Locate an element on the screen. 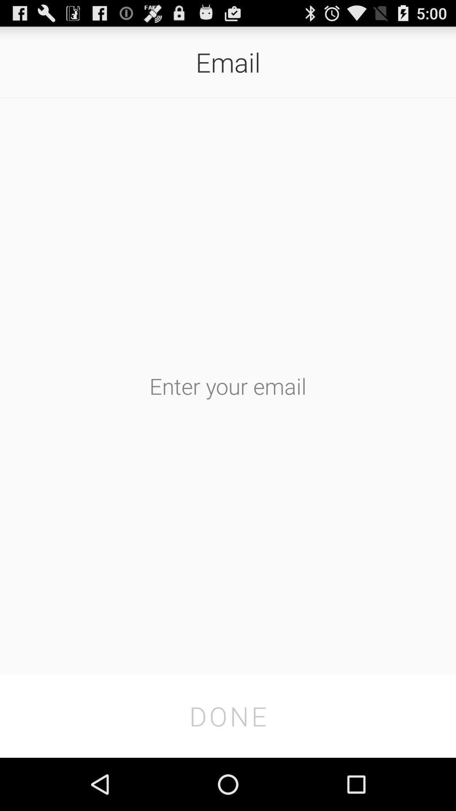  the item at the bottom is located at coordinates (228, 716).